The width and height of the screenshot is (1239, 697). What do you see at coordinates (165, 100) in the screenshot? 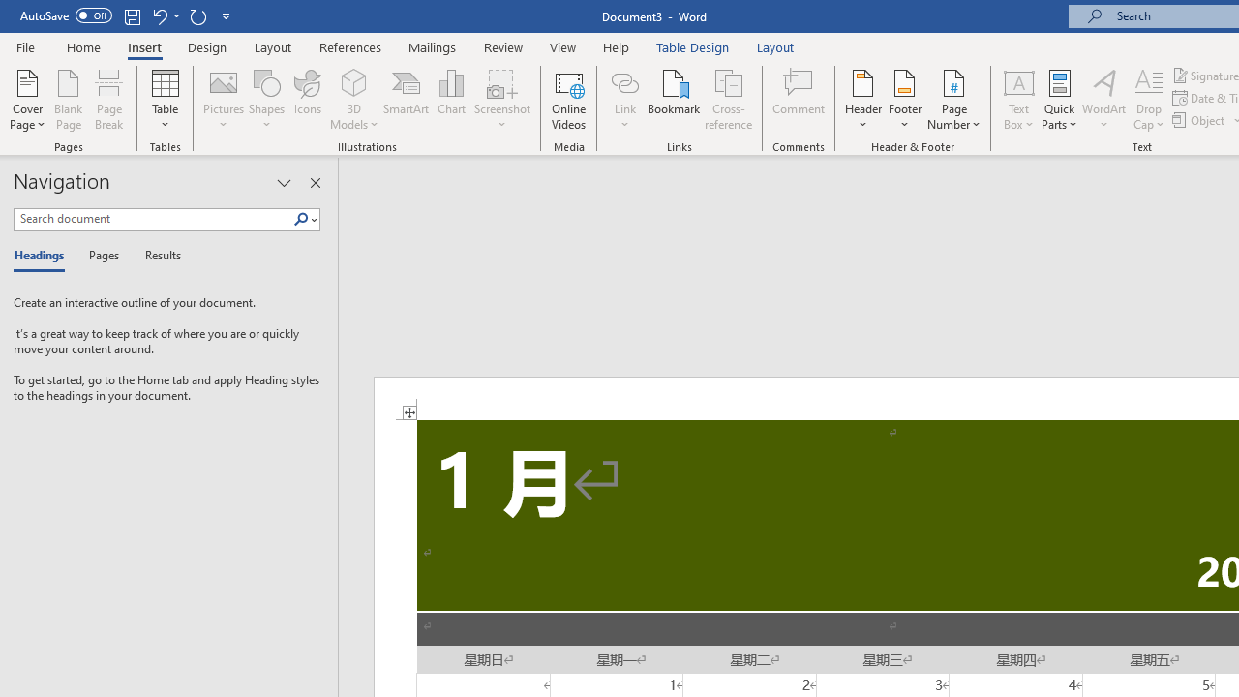
I see `'Table'` at bounding box center [165, 100].